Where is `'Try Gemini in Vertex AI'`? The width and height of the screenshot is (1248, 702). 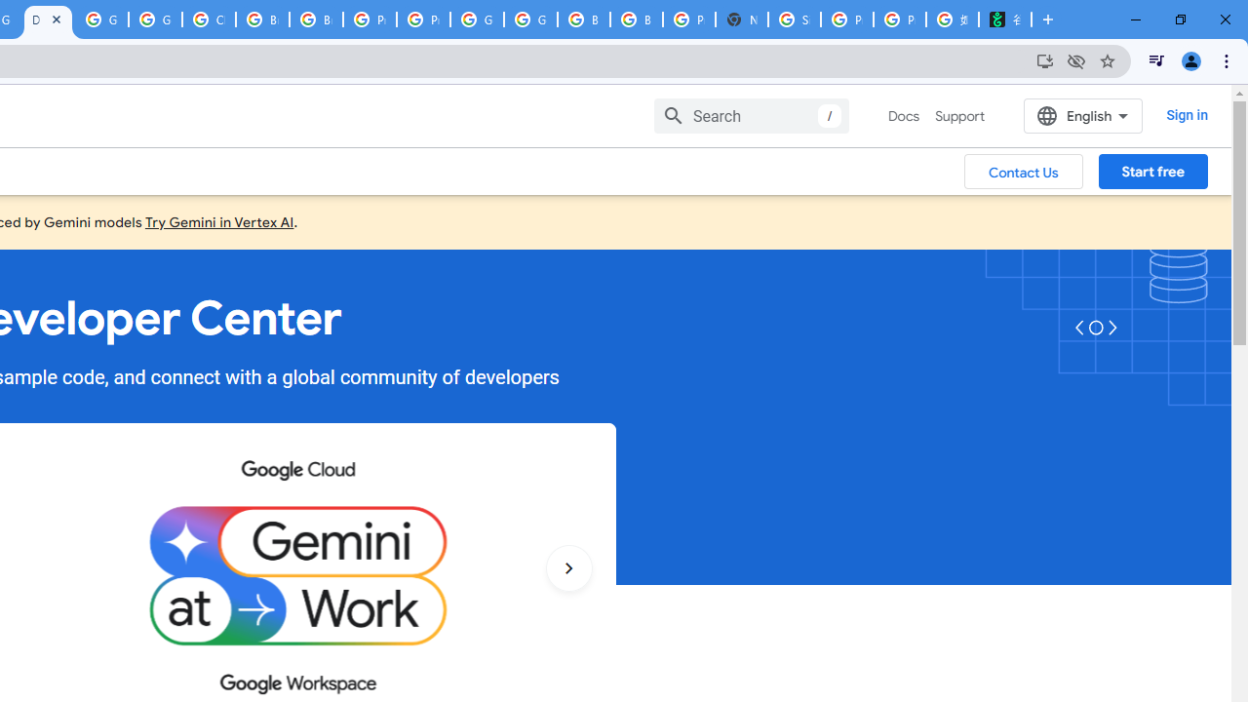
'Try Gemini in Vertex AI' is located at coordinates (219, 220).